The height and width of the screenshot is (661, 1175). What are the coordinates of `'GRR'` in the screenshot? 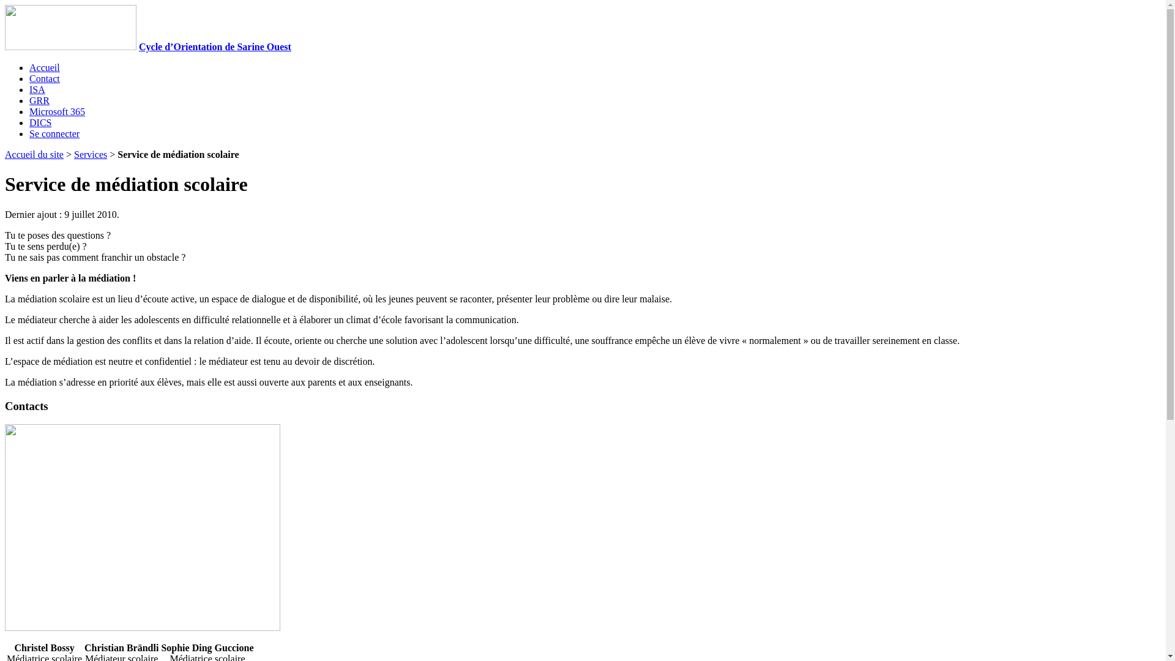 It's located at (39, 100).